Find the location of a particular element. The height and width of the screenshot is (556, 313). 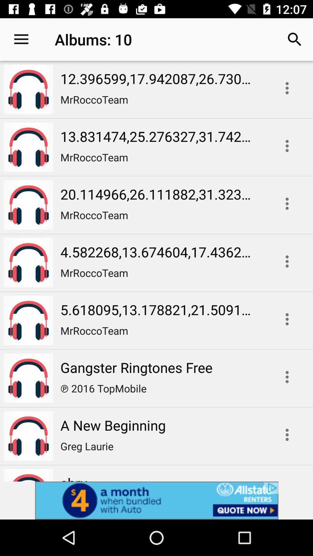

get more information is located at coordinates (287, 435).